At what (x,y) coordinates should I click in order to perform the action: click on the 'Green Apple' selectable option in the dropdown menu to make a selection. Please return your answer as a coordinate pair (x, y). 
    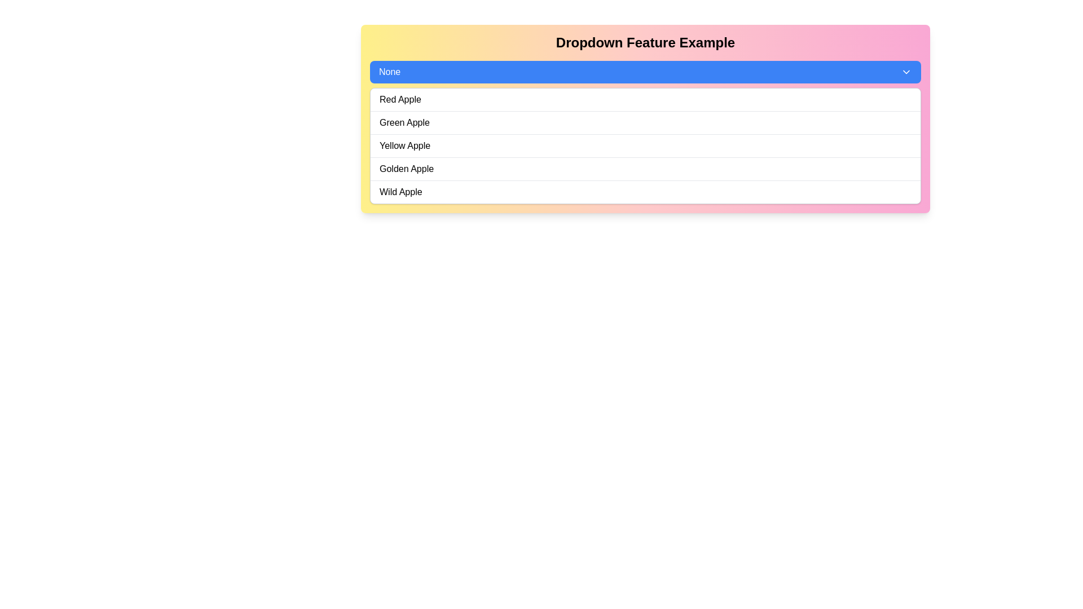
    Looking at the image, I should click on (645, 122).